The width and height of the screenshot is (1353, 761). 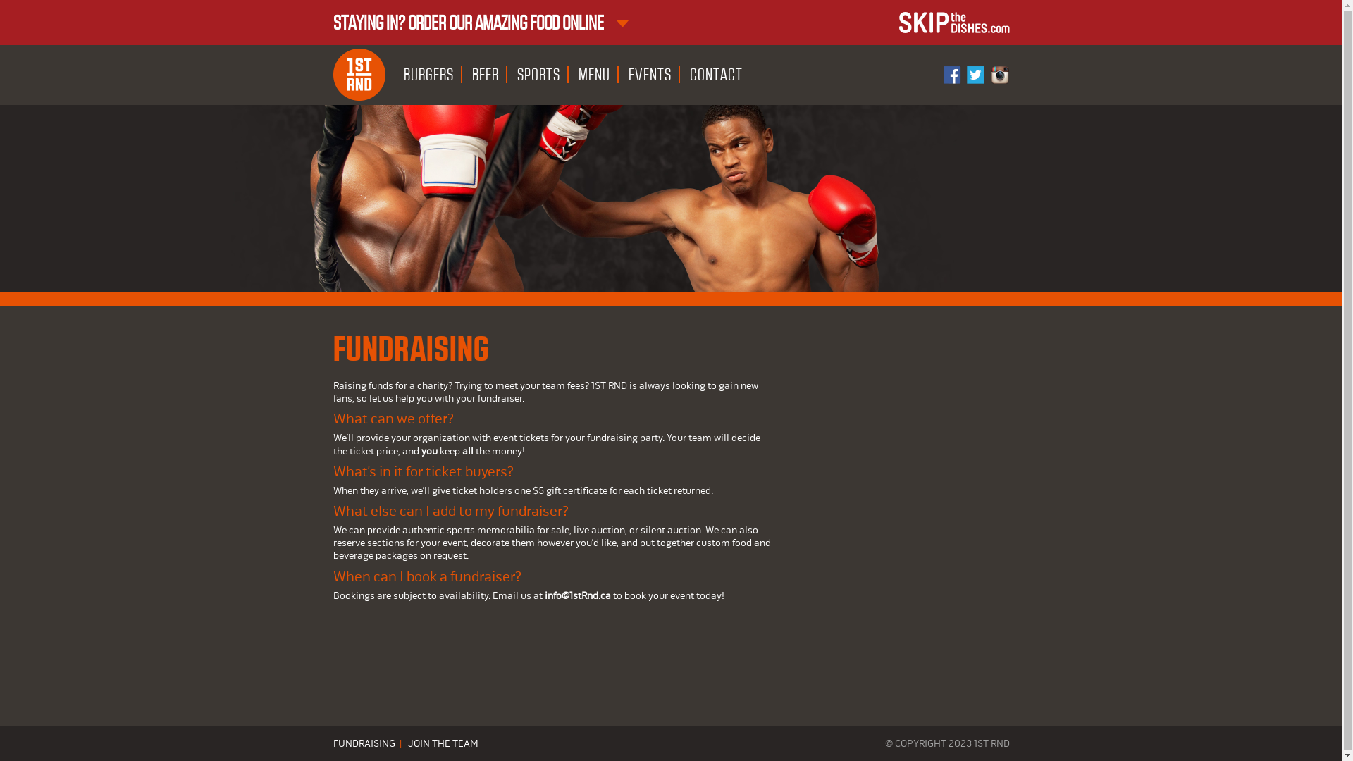 What do you see at coordinates (998, 75) in the screenshot?
I see `'Instagram'` at bounding box center [998, 75].